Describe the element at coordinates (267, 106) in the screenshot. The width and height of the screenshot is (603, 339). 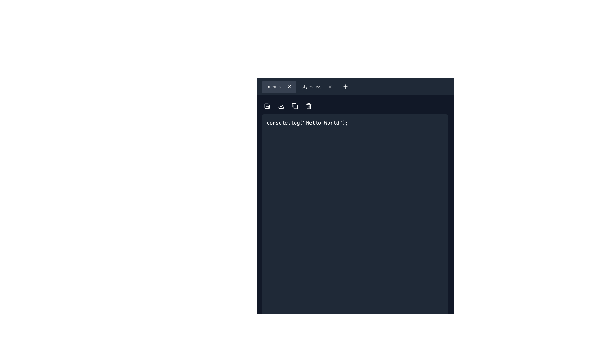
I see `the 'Save' icon button located in the header toolbar area, which is the leftmost icon among action buttons` at that location.